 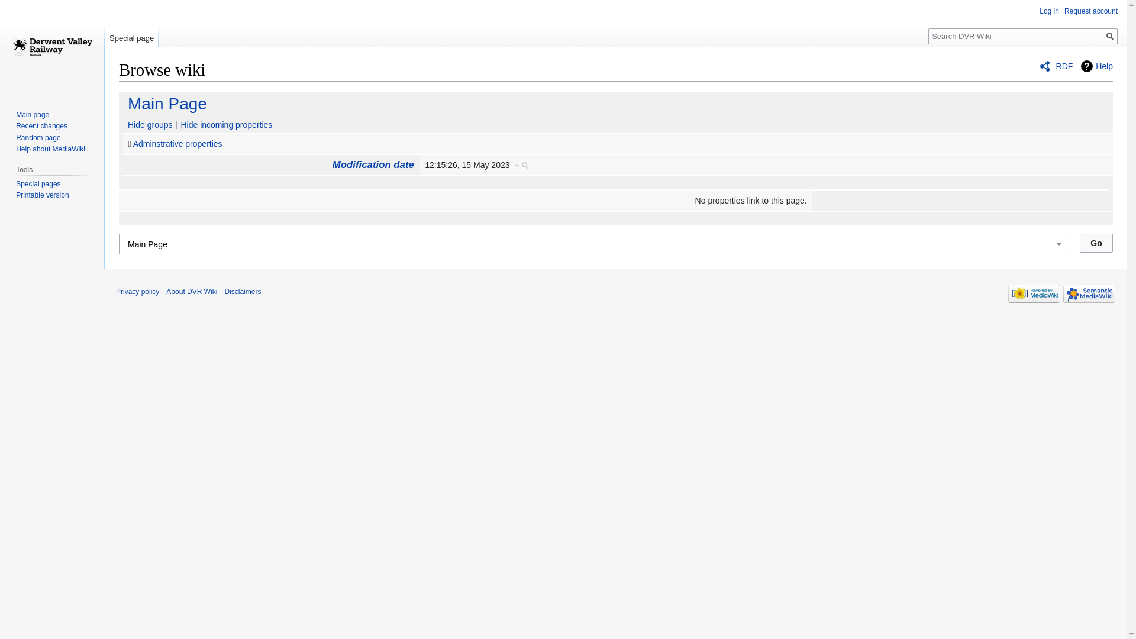 I want to click on 'Help about MediaWiki', so click(x=50, y=148).